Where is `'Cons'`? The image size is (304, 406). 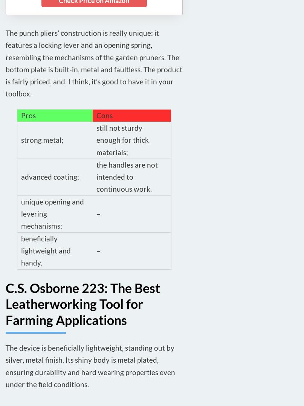 'Cons' is located at coordinates (96, 115).